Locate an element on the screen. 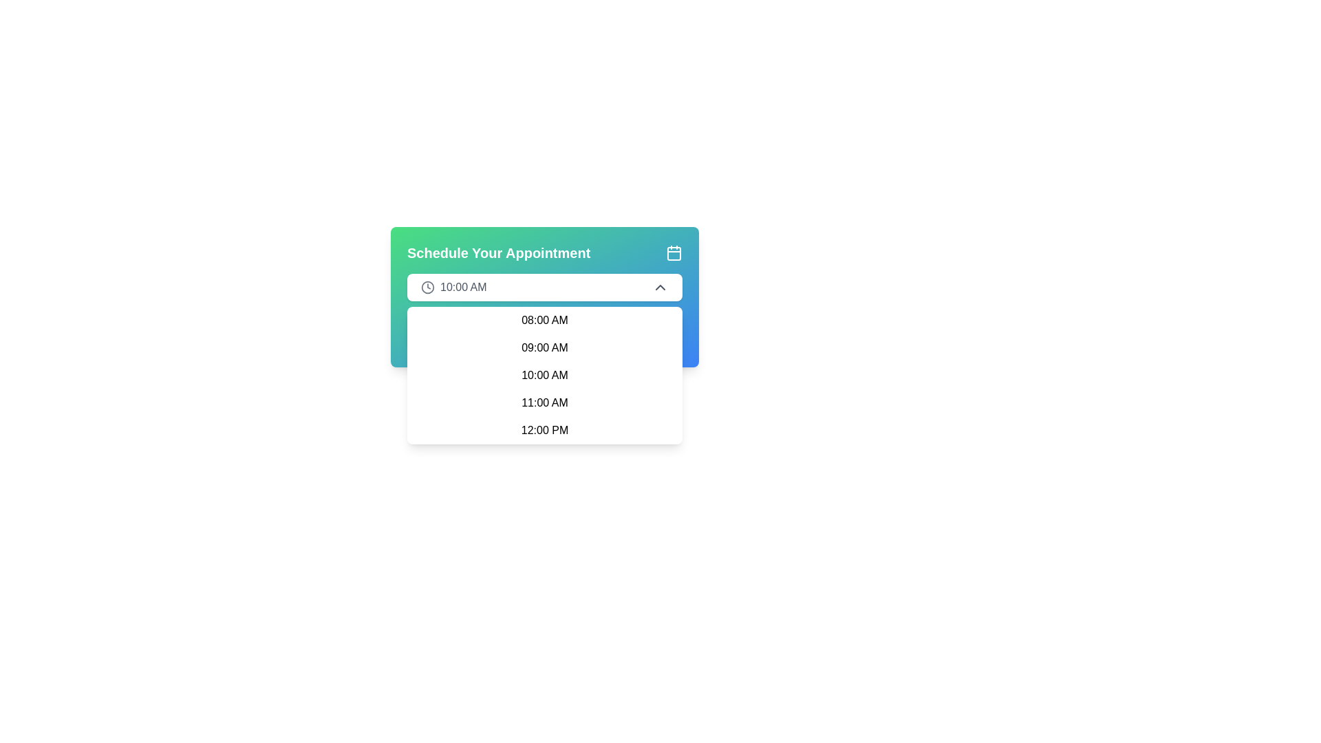 This screenshot has height=743, width=1321. the first selectable time option in the dropdown menu located immediately below the '10:00 AM' field to trigger hover effects is located at coordinates (544, 321).